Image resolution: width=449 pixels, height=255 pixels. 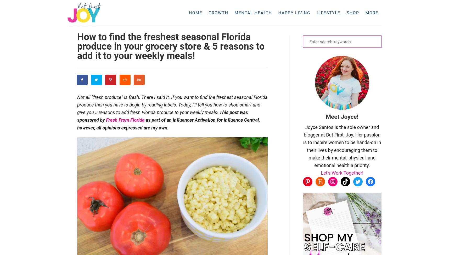 I want to click on 'Keto & Low Carb', so click(x=316, y=26).